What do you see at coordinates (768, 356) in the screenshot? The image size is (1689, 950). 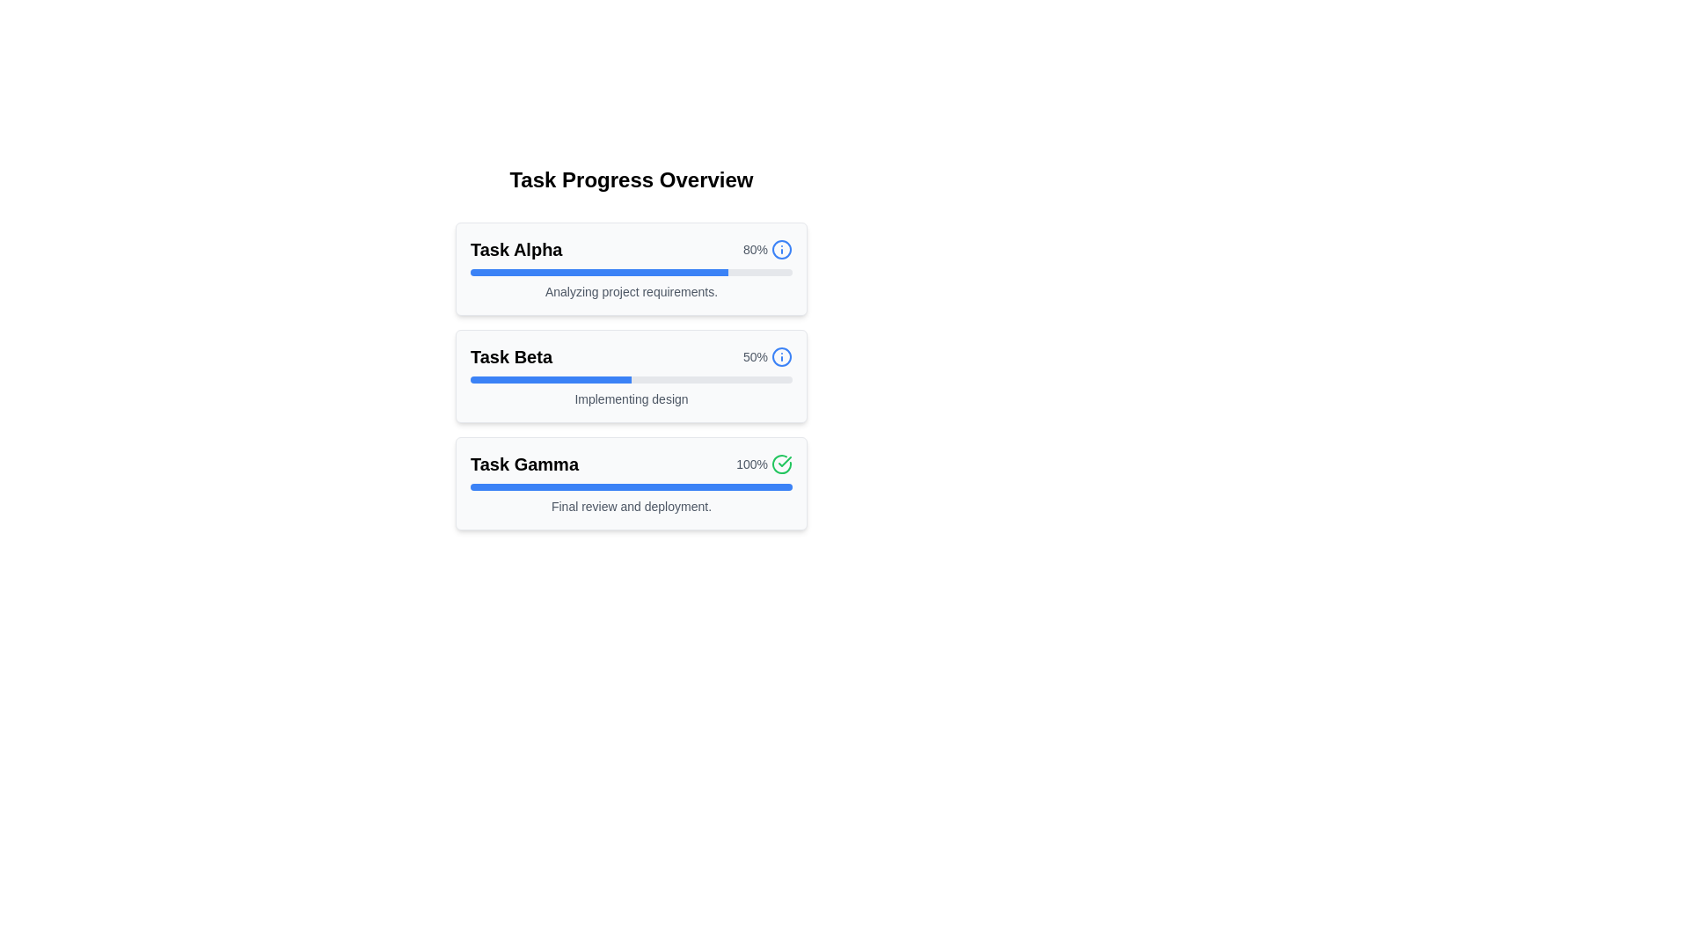 I see `the hybrid component displaying '50%' and the blue information icon within the 'Task Beta' group` at bounding box center [768, 356].